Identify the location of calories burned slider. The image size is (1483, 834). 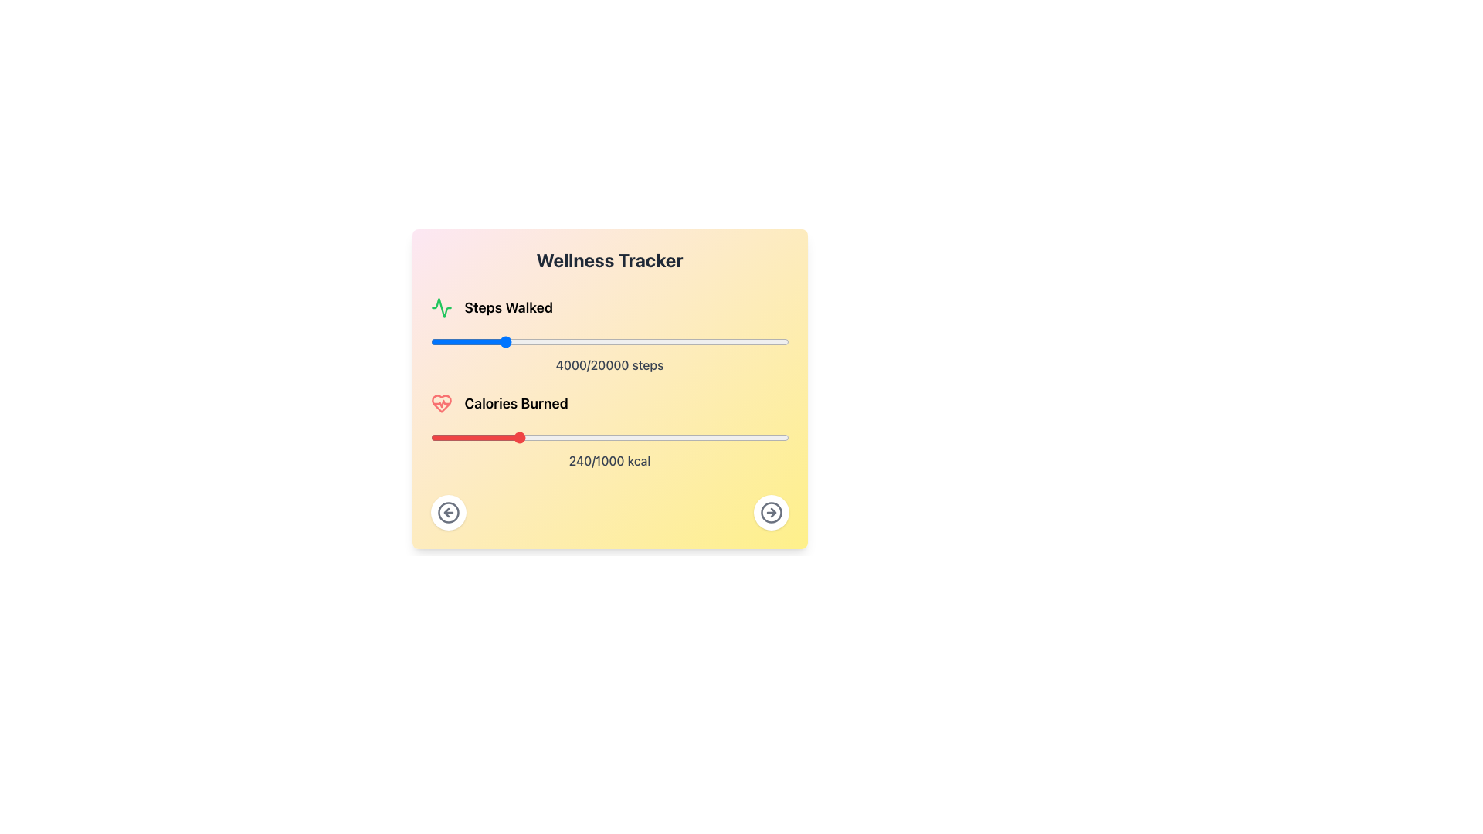
(683, 438).